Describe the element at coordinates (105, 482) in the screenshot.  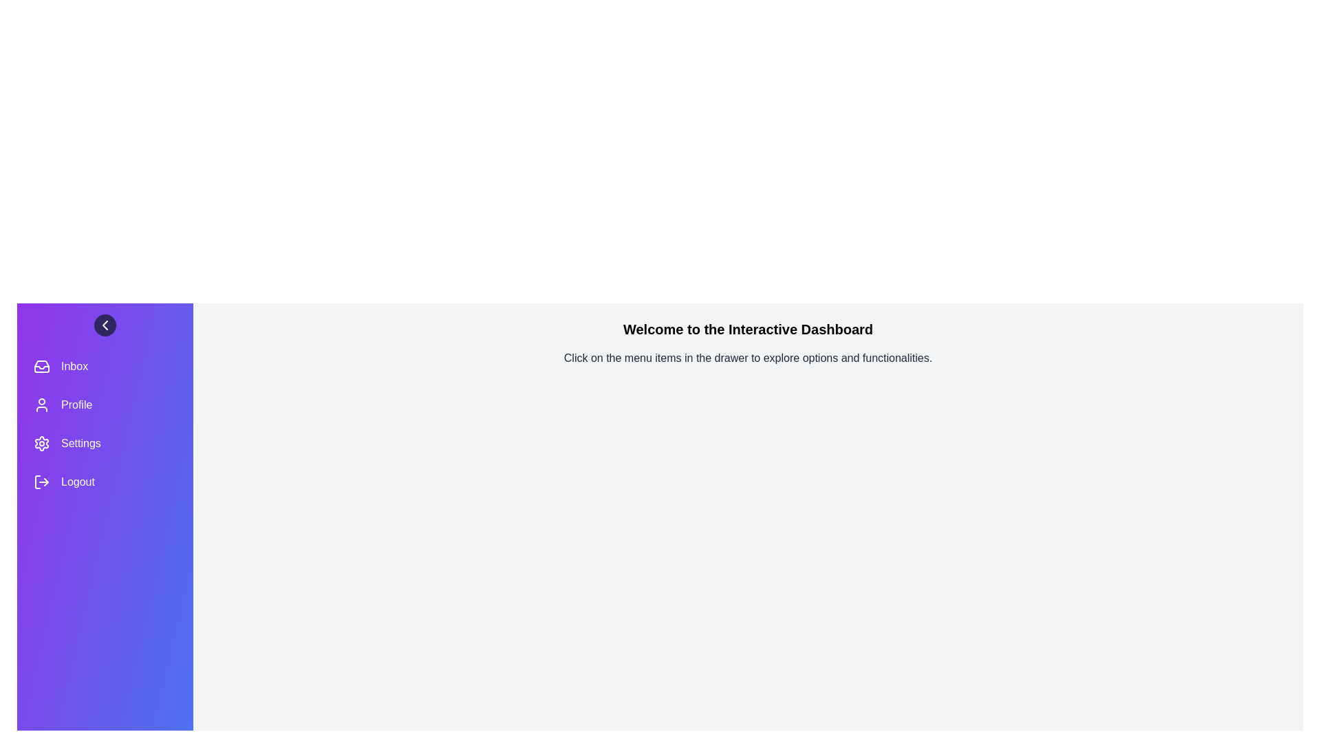
I see `the menu item labeled Logout to trigger its associated action` at that location.